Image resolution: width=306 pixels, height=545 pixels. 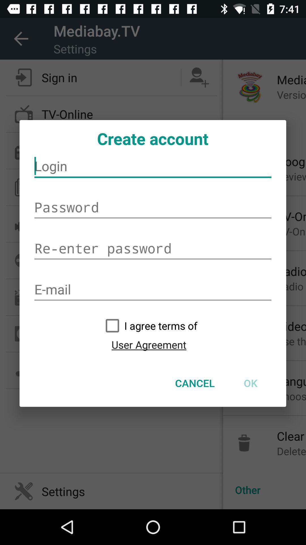 I want to click on icon above the cancel item, so click(x=148, y=344).